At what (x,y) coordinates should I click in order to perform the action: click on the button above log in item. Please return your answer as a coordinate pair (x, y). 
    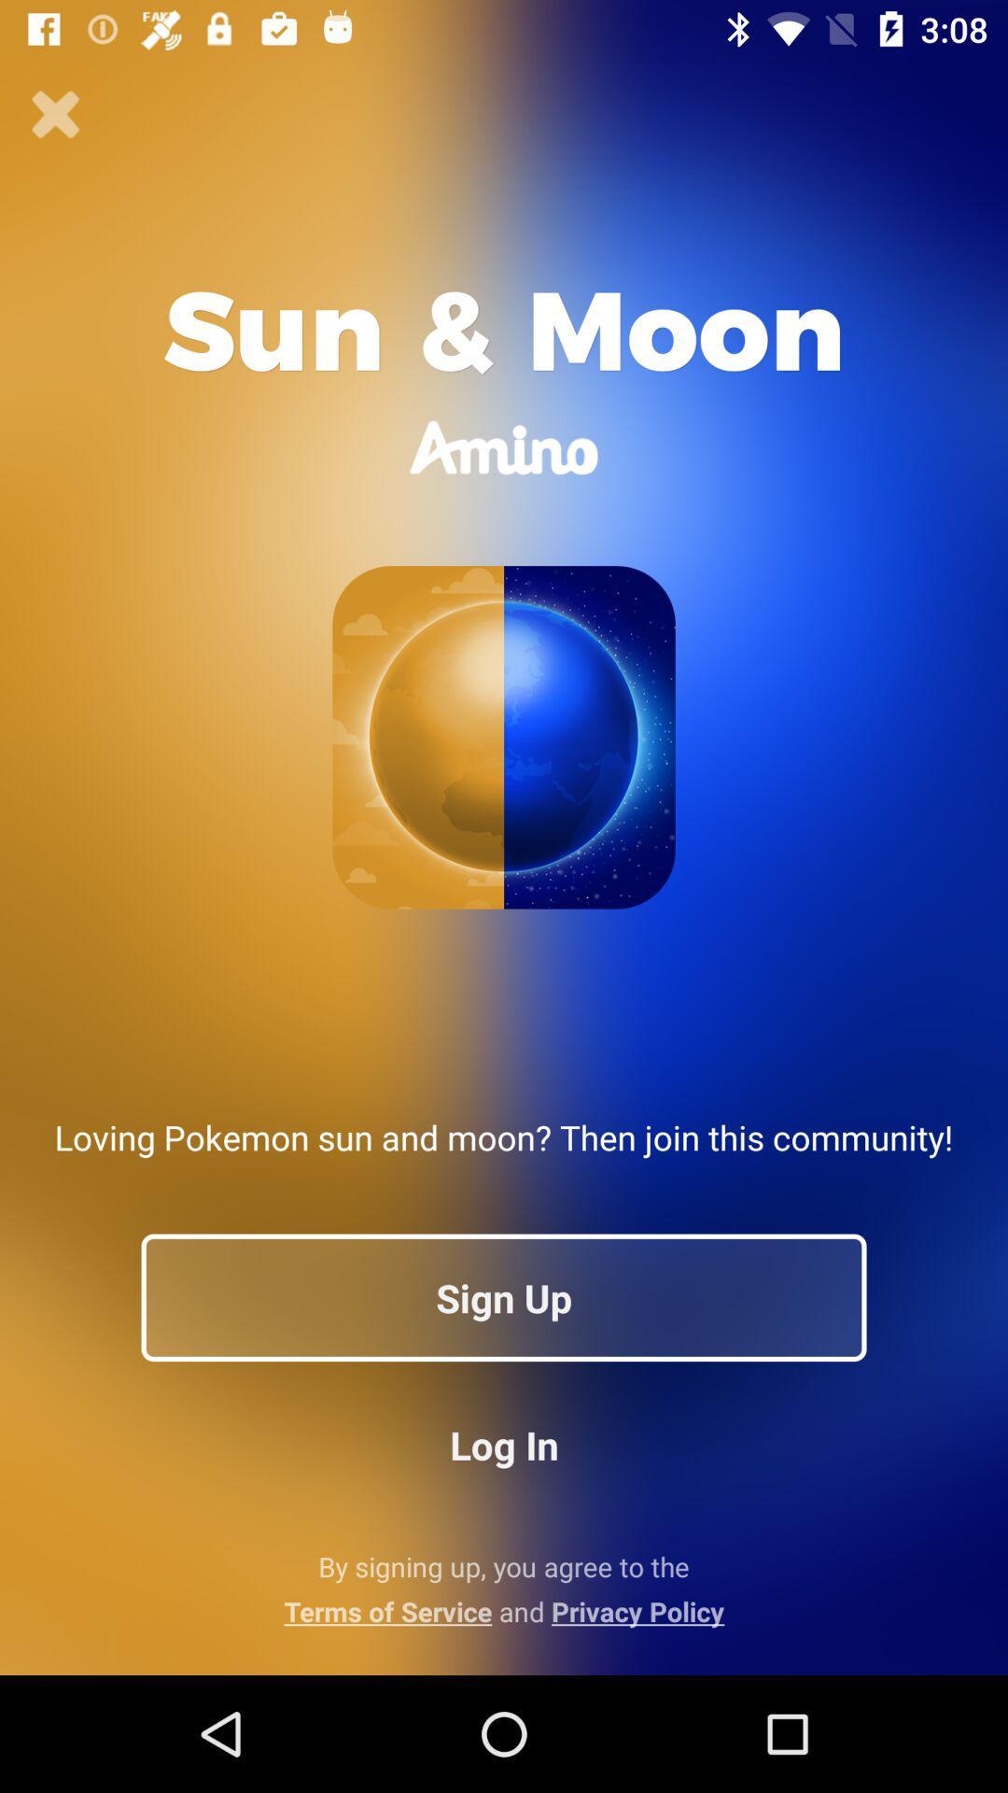
    Looking at the image, I should click on (504, 1296).